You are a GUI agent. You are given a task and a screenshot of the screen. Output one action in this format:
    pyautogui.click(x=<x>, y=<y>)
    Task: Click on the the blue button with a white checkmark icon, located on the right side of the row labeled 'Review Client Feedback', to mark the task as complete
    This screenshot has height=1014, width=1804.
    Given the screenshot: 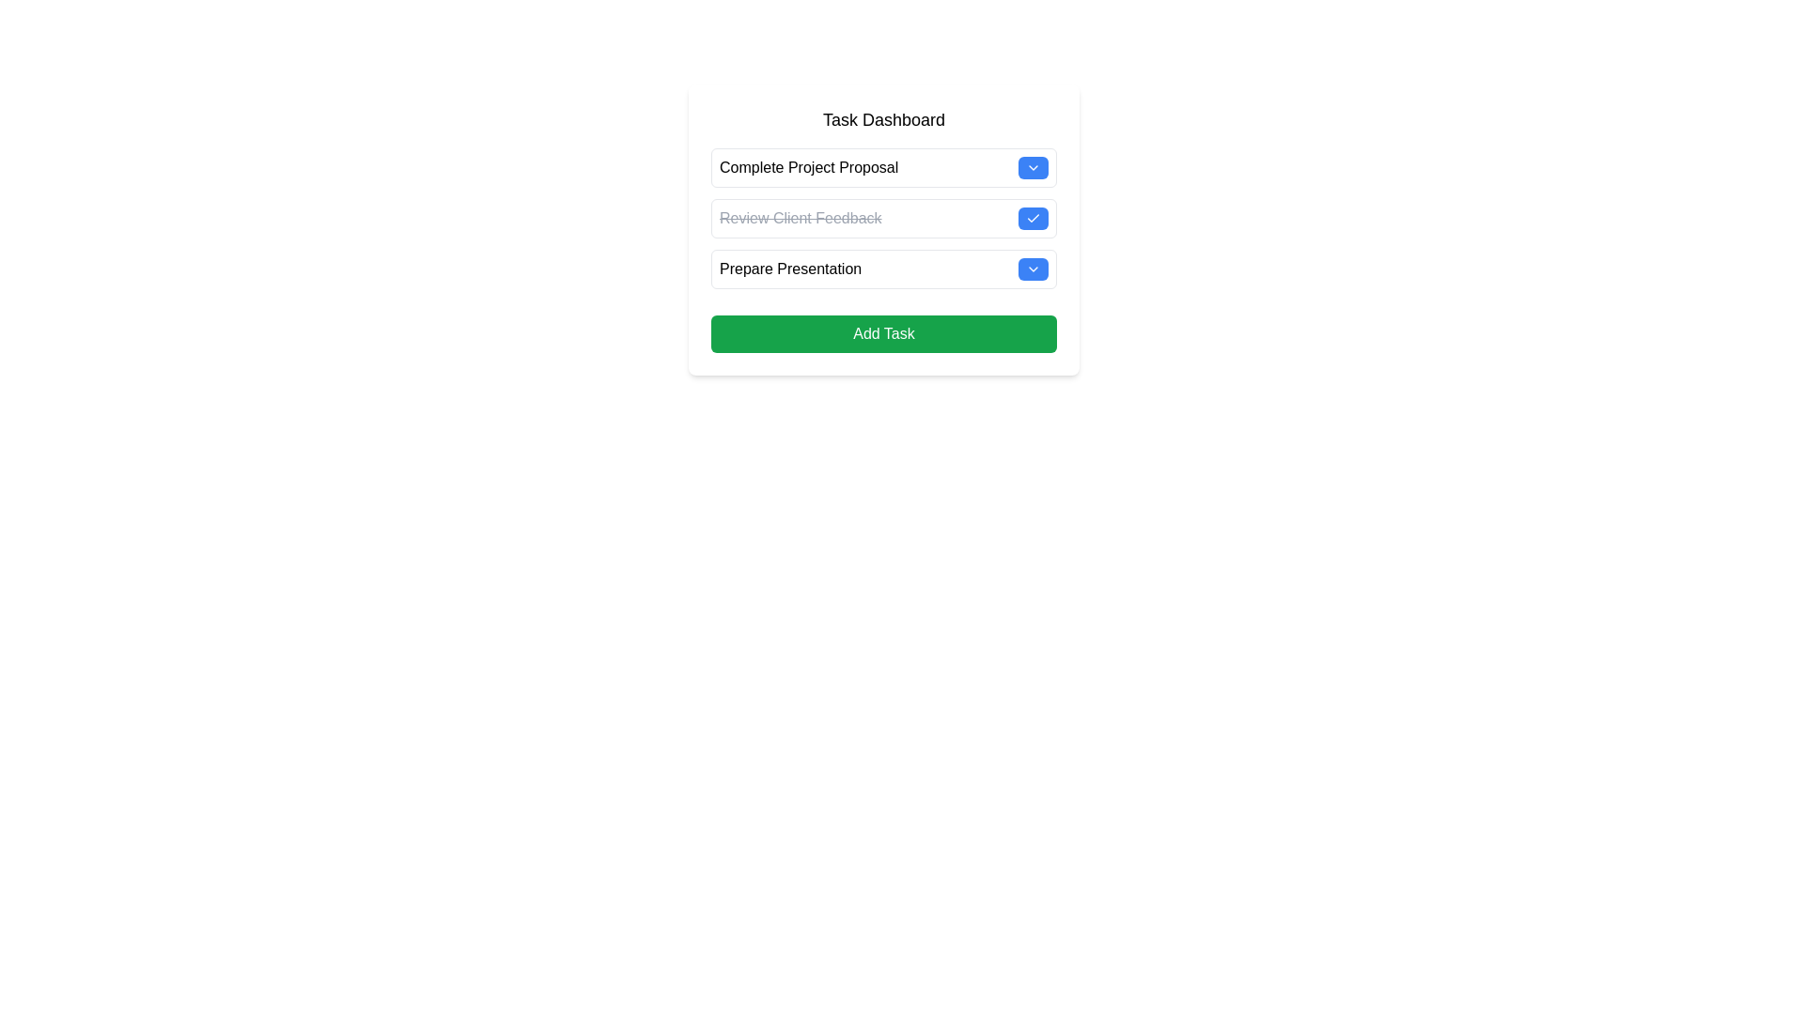 What is the action you would take?
    pyautogui.click(x=1032, y=217)
    